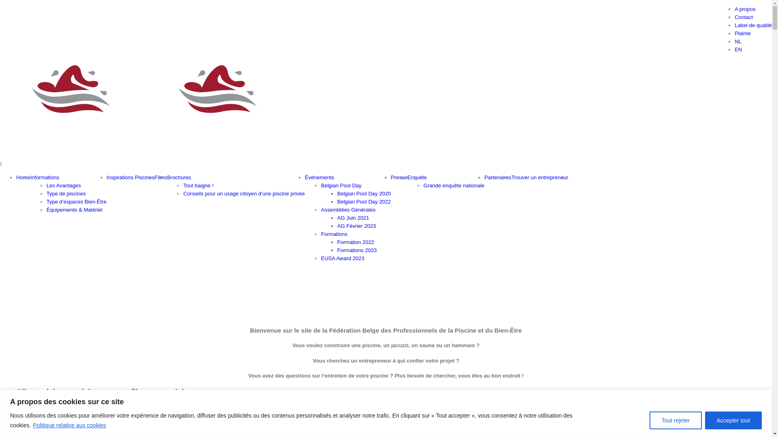  I want to click on 'Belgian Pool Day', so click(341, 185).